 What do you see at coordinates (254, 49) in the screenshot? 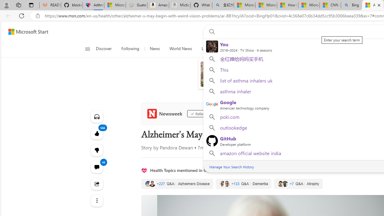
I see `'Technology'` at bounding box center [254, 49].